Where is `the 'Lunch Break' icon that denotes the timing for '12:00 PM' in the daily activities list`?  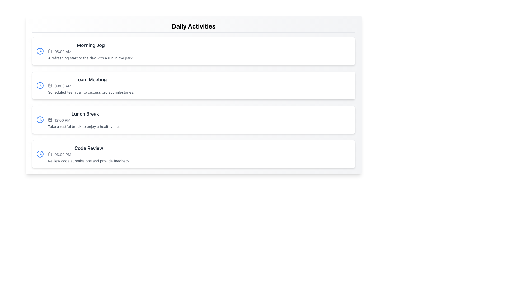 the 'Lunch Break' icon that denotes the timing for '12:00 PM' in the daily activities list is located at coordinates (50, 120).